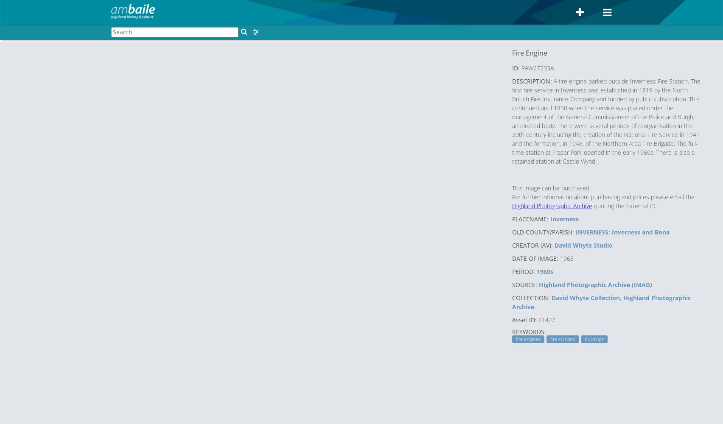 This screenshot has width=723, height=424. I want to click on '1963', so click(560, 257).